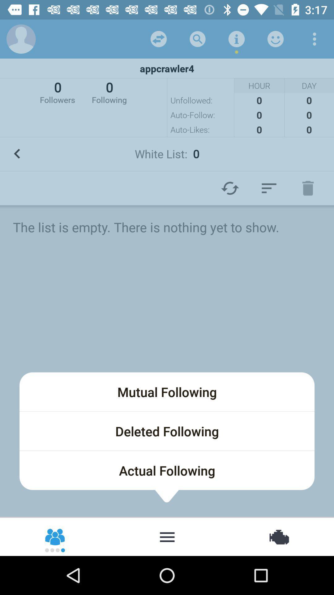 The height and width of the screenshot is (595, 334). Describe the element at coordinates (269, 188) in the screenshot. I see `the filter_list icon` at that location.